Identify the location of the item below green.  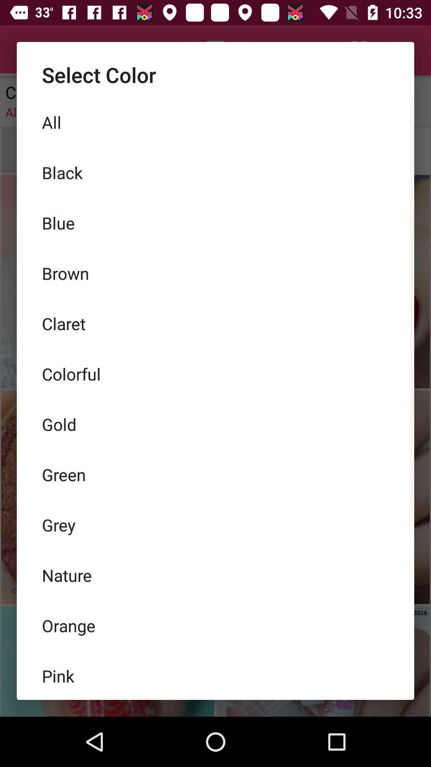
(215, 525).